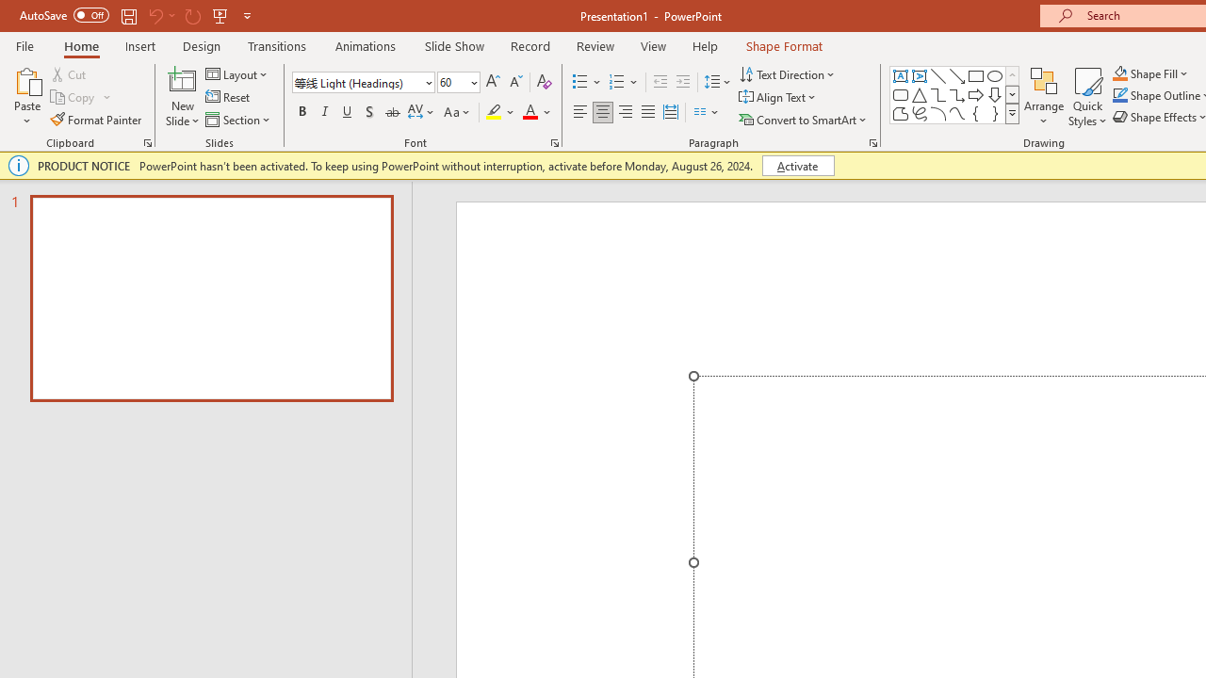 The height and width of the screenshot is (678, 1206). I want to click on 'Review', so click(594, 45).